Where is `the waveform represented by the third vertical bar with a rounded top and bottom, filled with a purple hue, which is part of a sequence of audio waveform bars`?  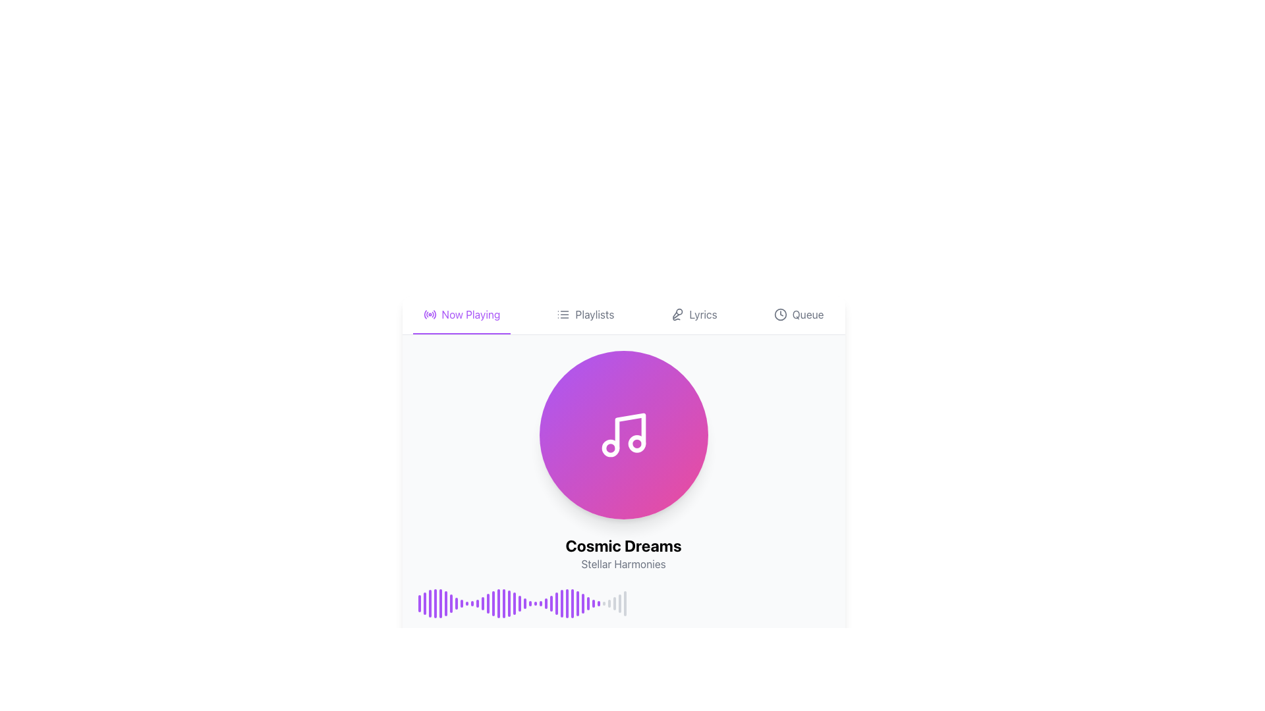 the waveform represented by the third vertical bar with a rounded top and bottom, filled with a purple hue, which is part of a sequence of audio waveform bars is located at coordinates (430, 604).